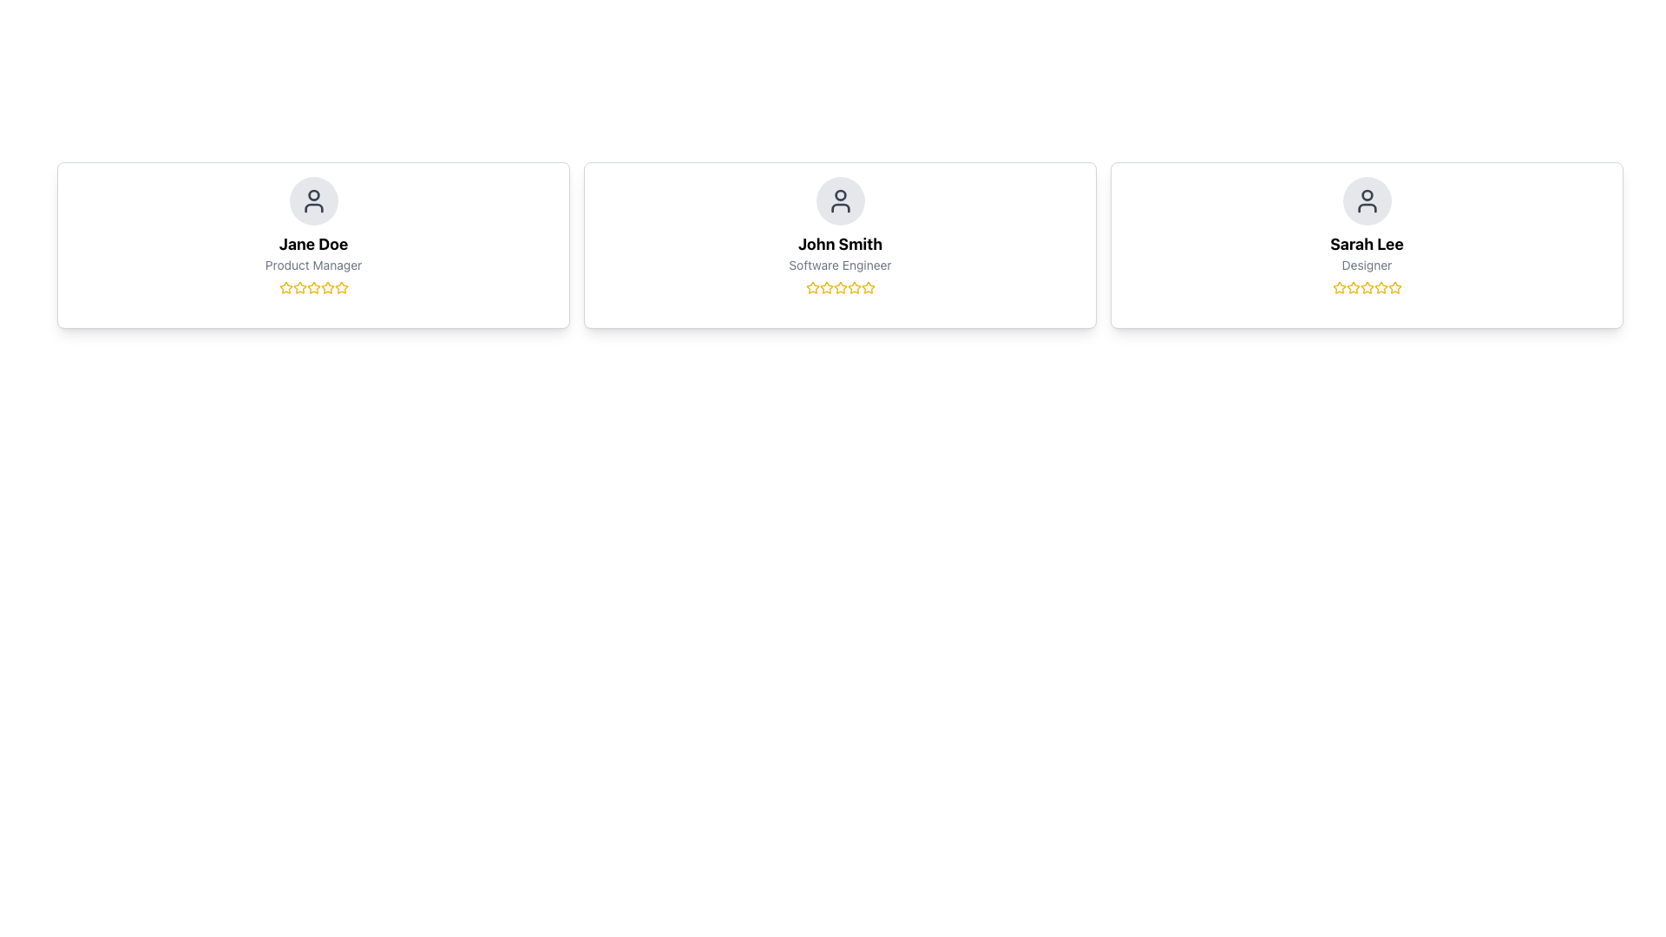  What do you see at coordinates (1338, 286) in the screenshot?
I see `the first star-shaped icon in the rating row below the 'Sarah Lee' profile to interact with the rating system` at bounding box center [1338, 286].